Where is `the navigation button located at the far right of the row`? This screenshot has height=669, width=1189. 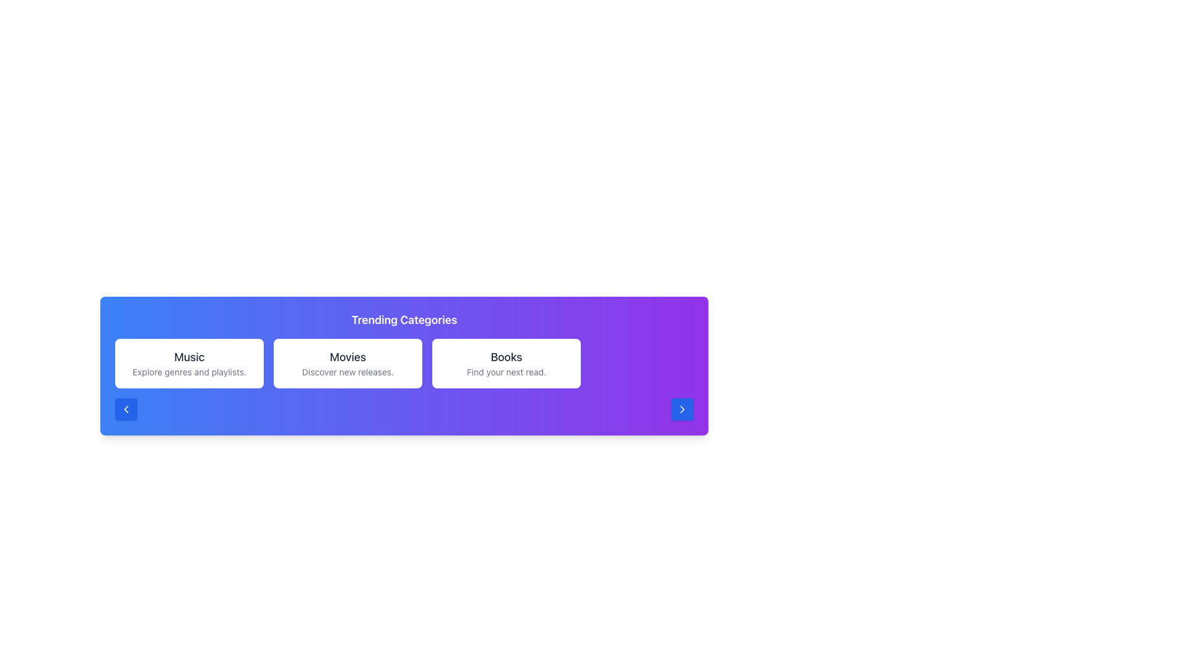
the navigation button located at the far right of the row is located at coordinates (682, 409).